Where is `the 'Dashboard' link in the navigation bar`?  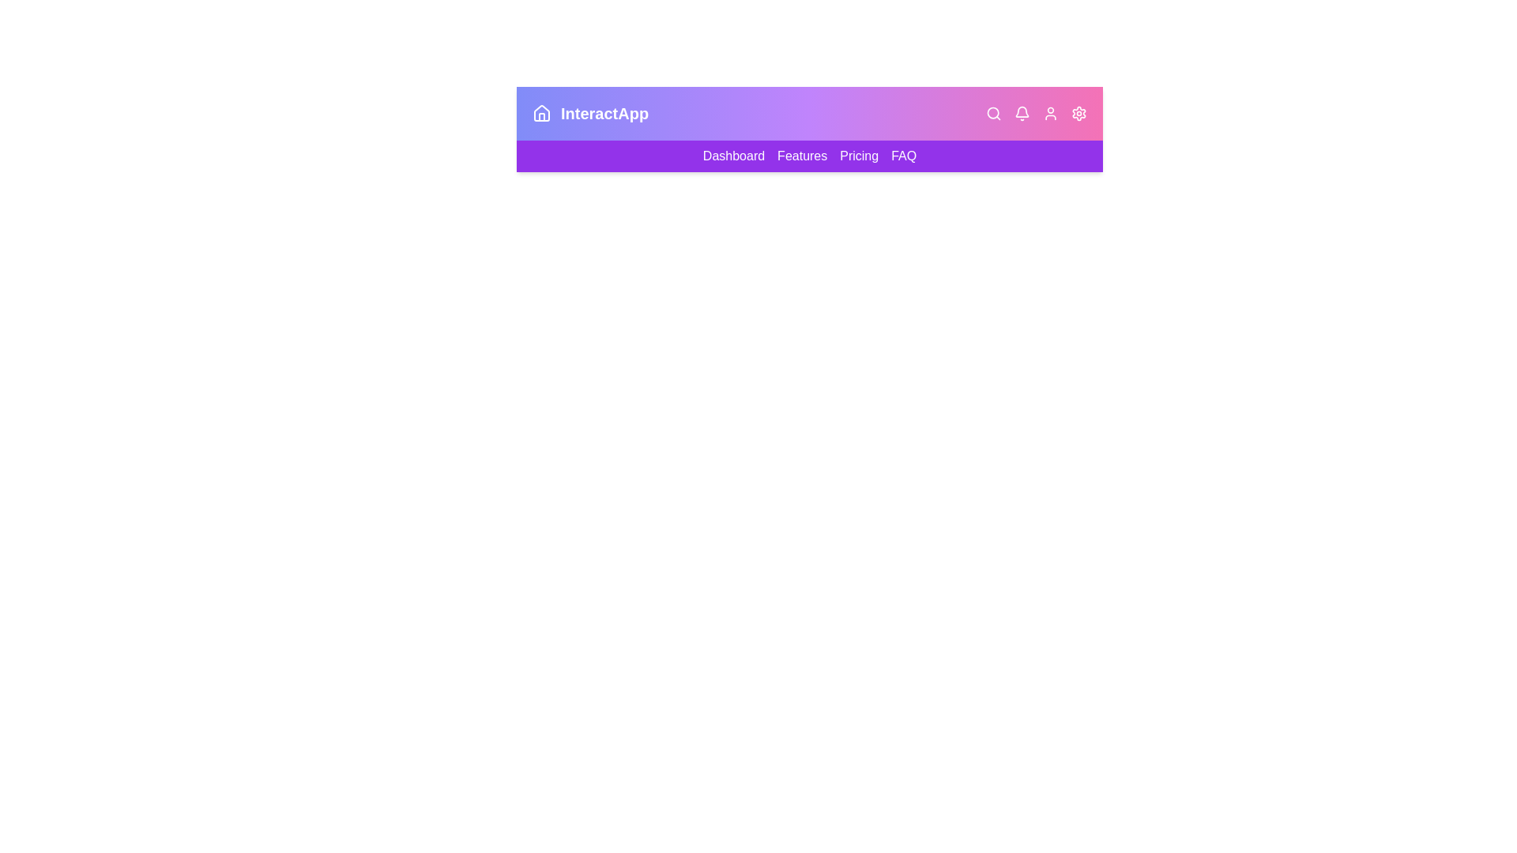
the 'Dashboard' link in the navigation bar is located at coordinates (732, 156).